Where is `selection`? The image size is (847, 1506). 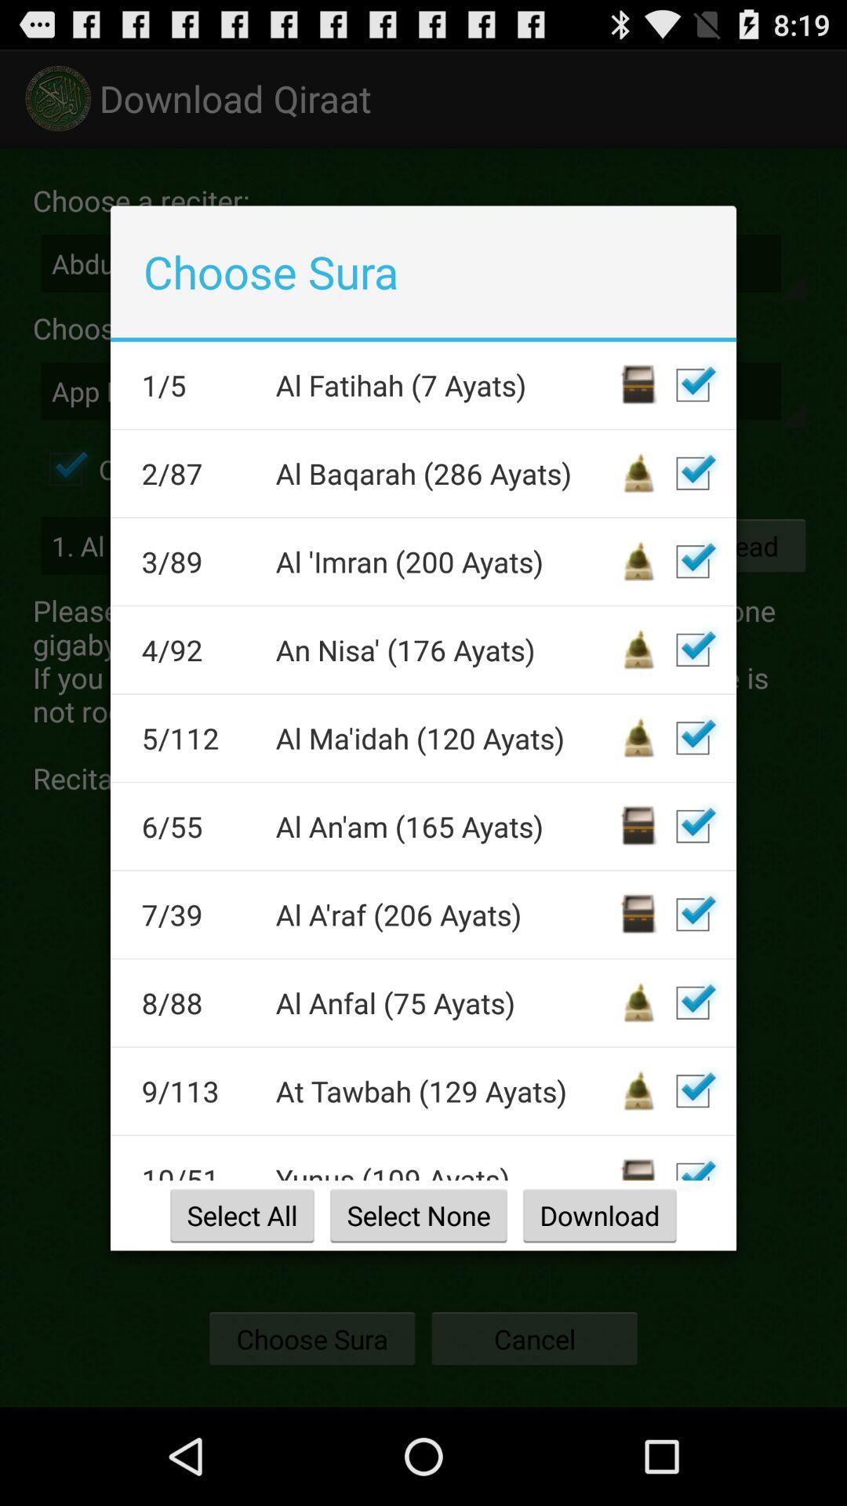
selection is located at coordinates (692, 562).